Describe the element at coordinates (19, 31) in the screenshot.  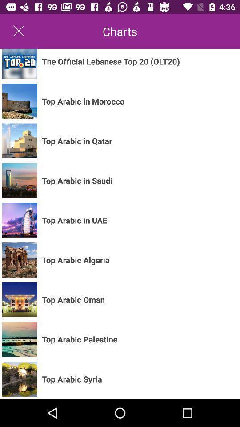
I see `page` at that location.